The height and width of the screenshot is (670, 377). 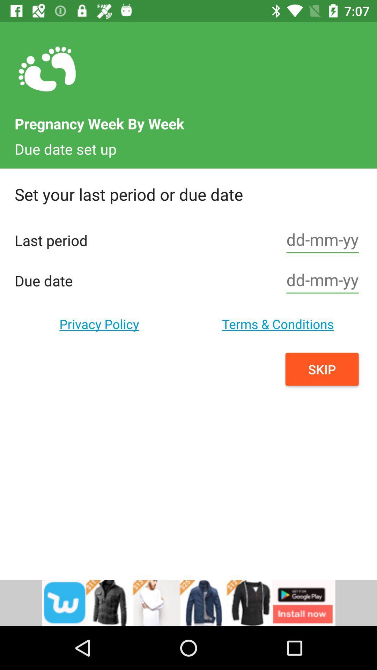 I want to click on calender, so click(x=323, y=281).